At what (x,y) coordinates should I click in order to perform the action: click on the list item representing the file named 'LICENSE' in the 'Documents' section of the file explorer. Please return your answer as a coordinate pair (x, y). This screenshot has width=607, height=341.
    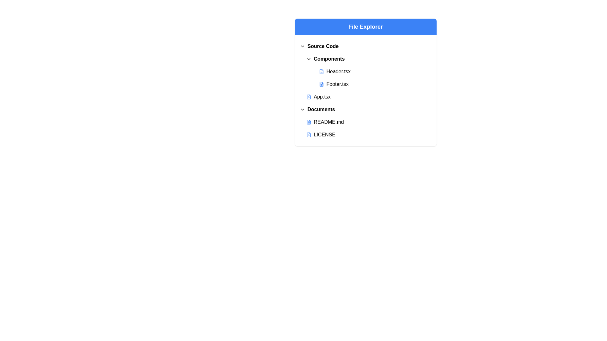
    Looking at the image, I should click on (365, 135).